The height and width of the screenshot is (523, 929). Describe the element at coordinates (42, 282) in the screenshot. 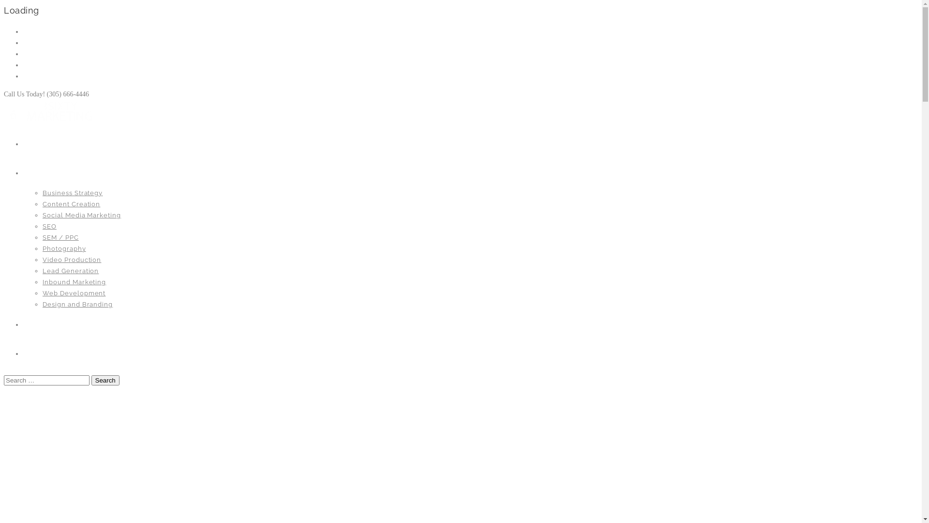

I see `'Inbound Marketing'` at that location.